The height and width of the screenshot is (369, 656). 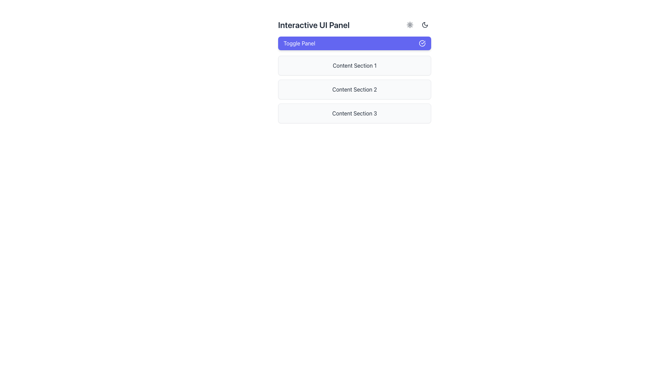 I want to click on the SVG-based icon located at the far right end of the 'Toggle Panel' button, next to the text label 'Toggle Panel', to confirm or toggle its state if it is enabled, so click(x=422, y=43).